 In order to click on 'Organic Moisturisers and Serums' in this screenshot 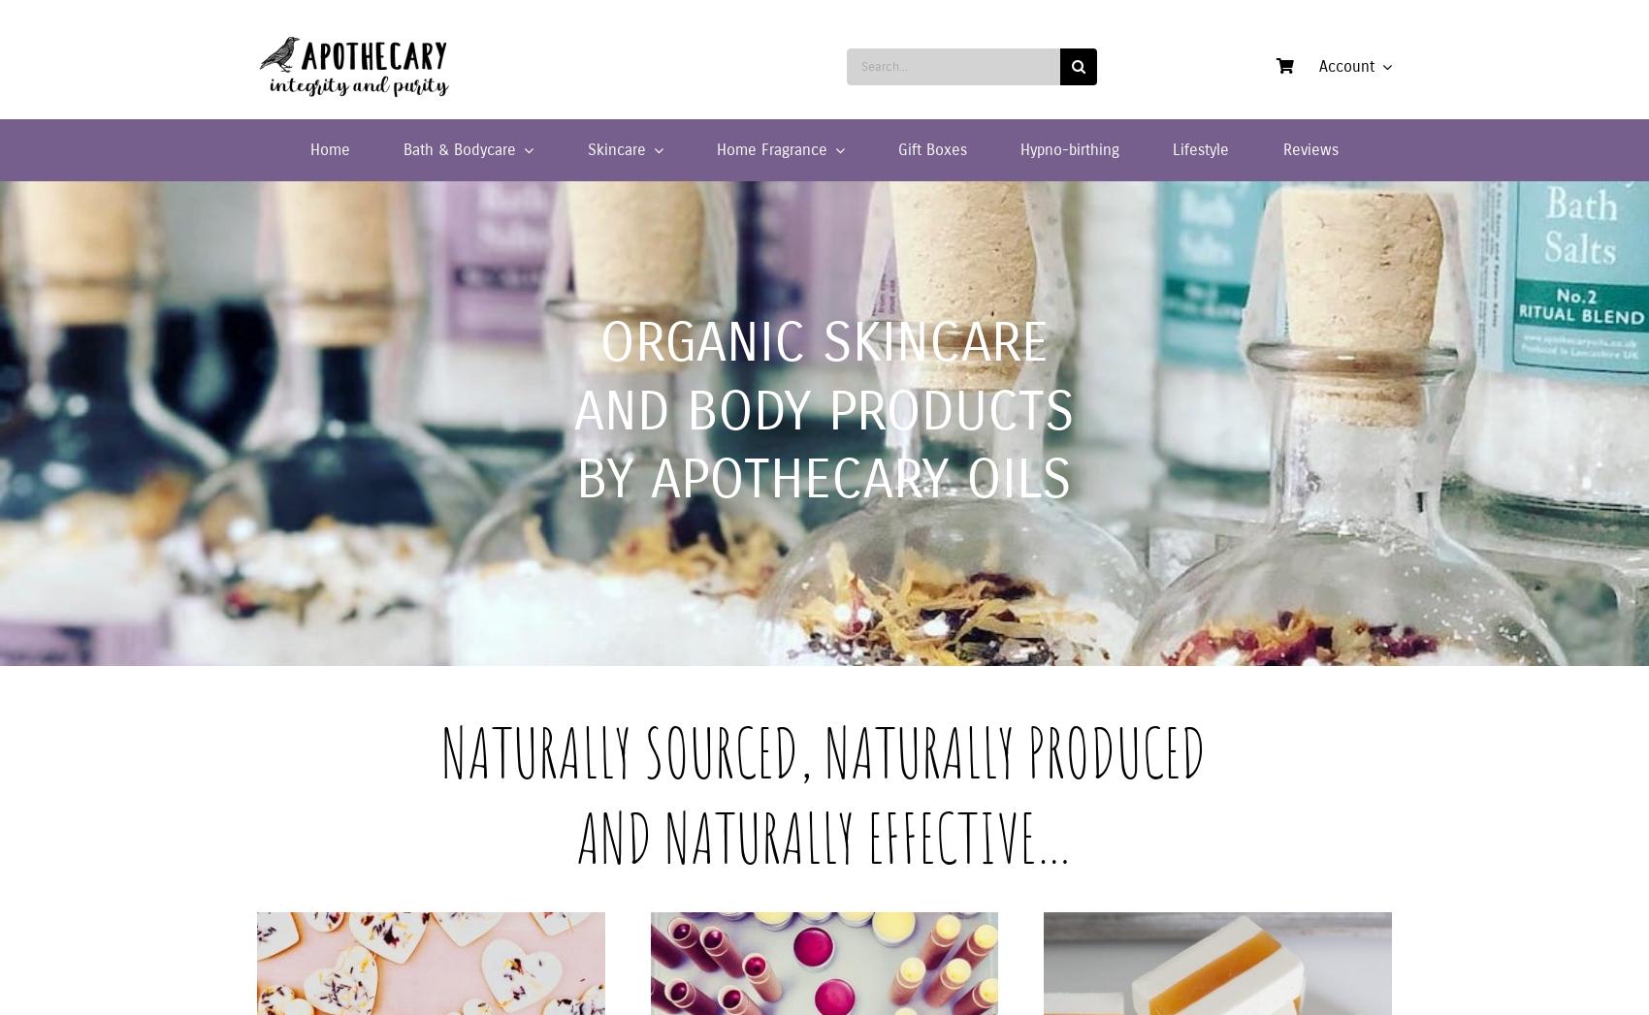, I will do `click(702, 204)`.